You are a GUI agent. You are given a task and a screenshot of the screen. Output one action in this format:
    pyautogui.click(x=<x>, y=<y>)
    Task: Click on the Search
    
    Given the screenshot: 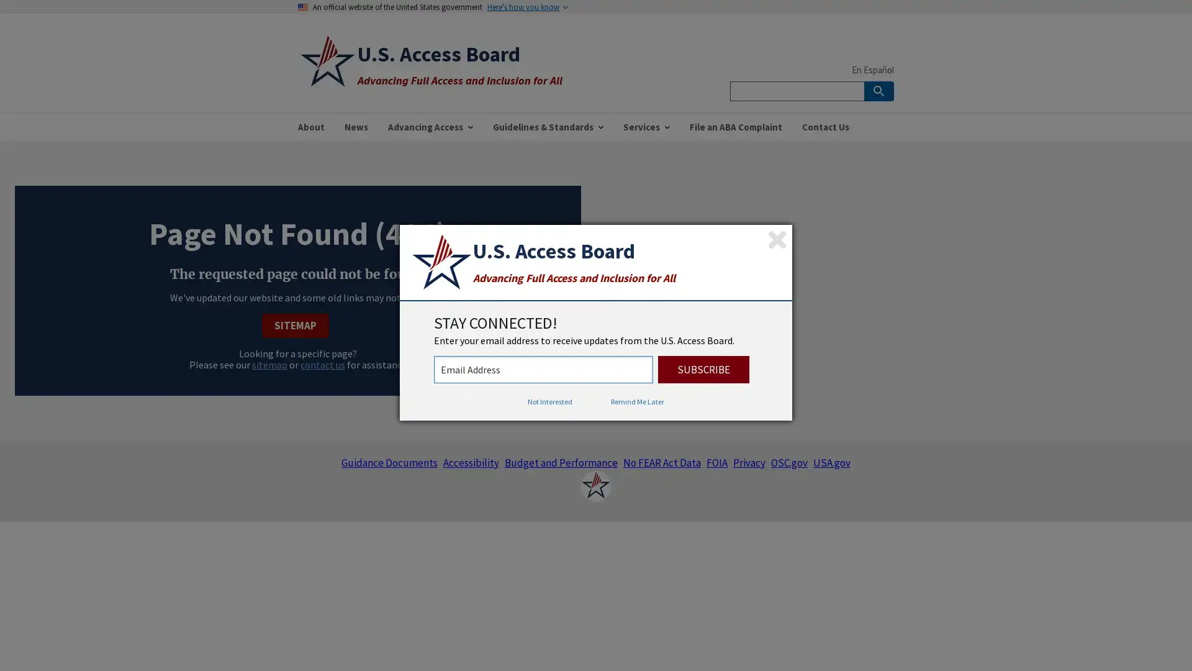 What is the action you would take?
    pyautogui.click(x=878, y=90)
    